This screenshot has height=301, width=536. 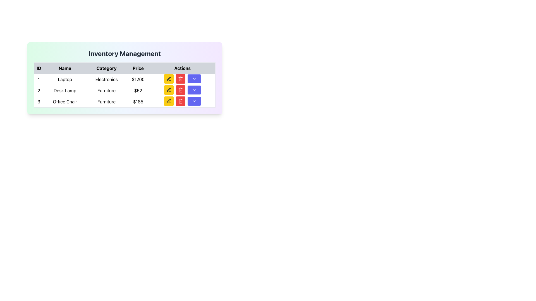 What do you see at coordinates (168, 101) in the screenshot?
I see `the pen icon button with a yellow rectangular background and black border located in the 'Actions' column of the table` at bounding box center [168, 101].